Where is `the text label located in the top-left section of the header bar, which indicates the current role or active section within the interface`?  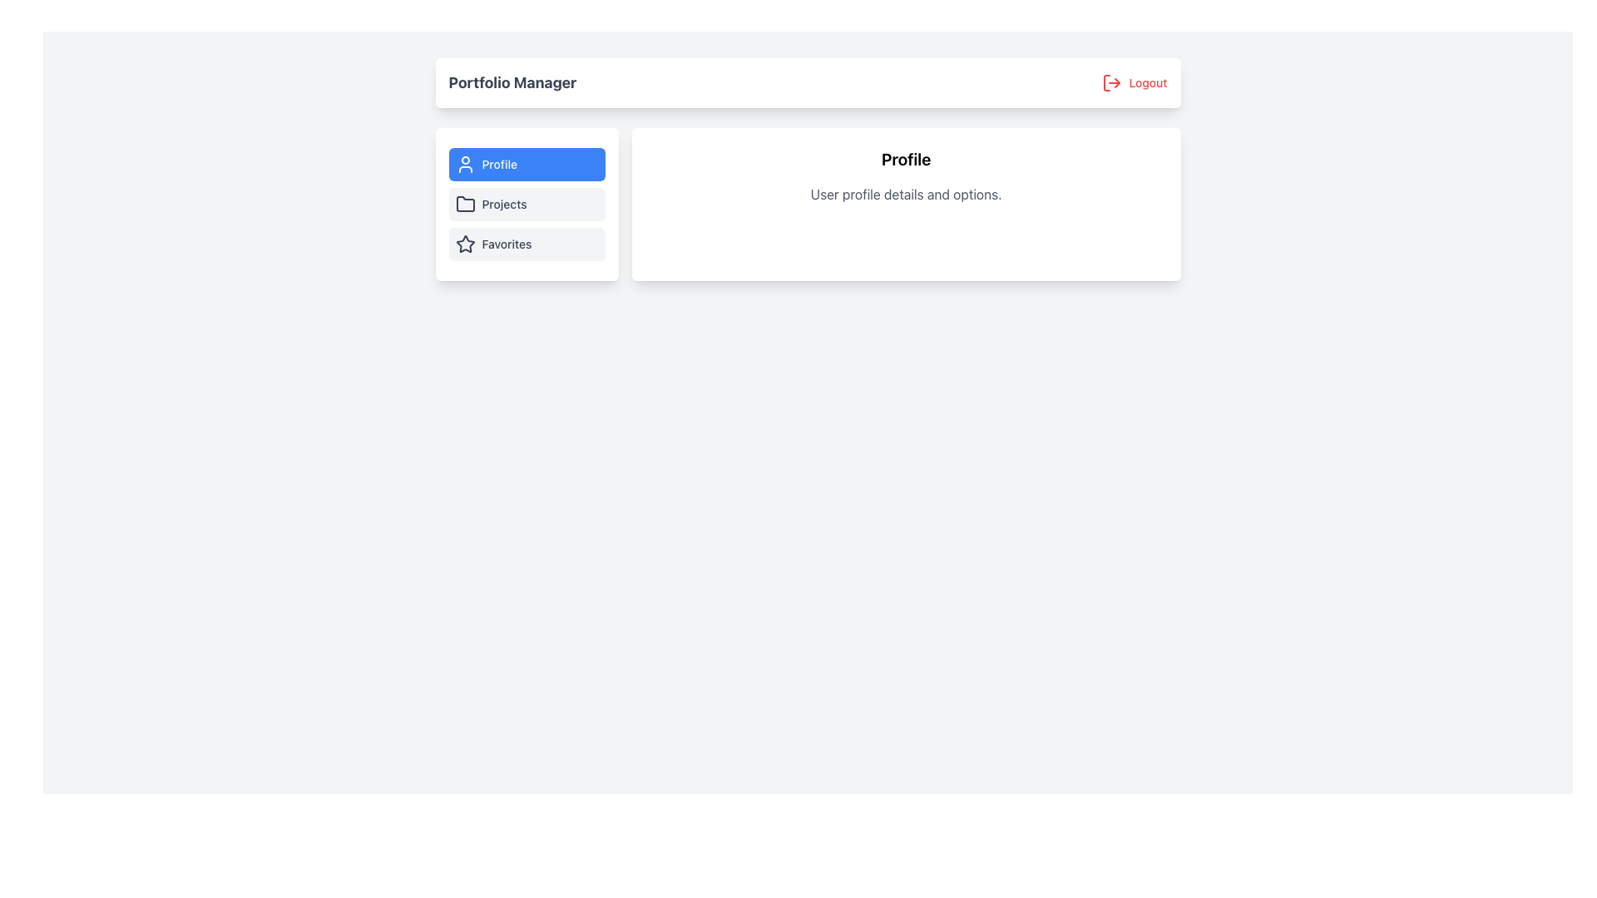
the text label located in the top-left section of the header bar, which indicates the current role or active section within the interface is located at coordinates (512, 83).